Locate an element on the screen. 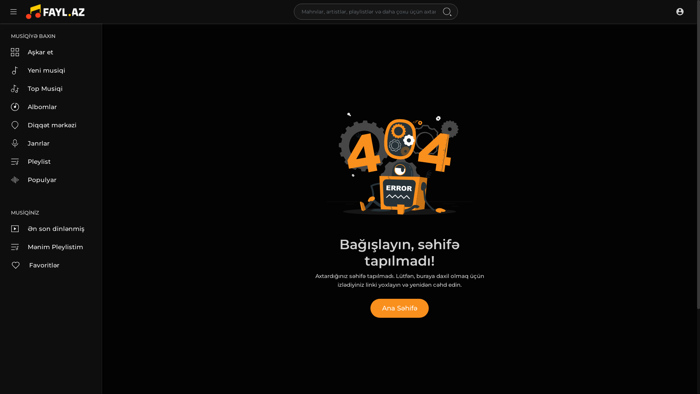 The width and height of the screenshot is (700, 394). 'Populyar' is located at coordinates (50, 180).